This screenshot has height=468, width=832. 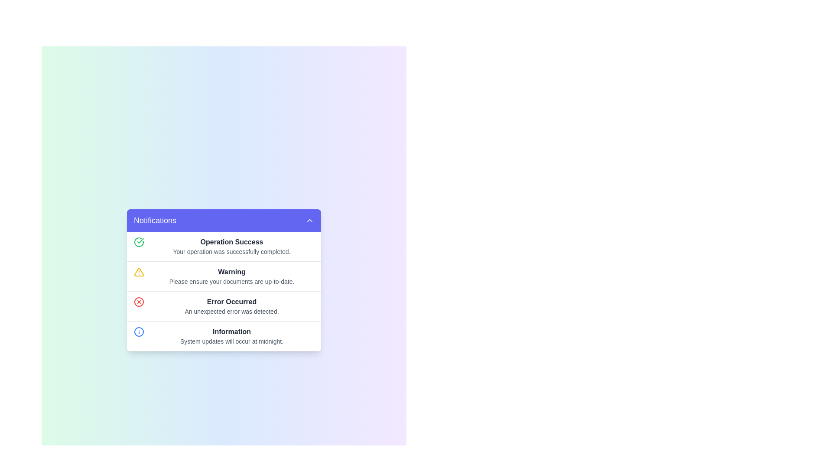 I want to click on the 'Notifications' text label, which is a bold, larger font text against a purple background in the top header bar of a notification card, so click(x=155, y=220).